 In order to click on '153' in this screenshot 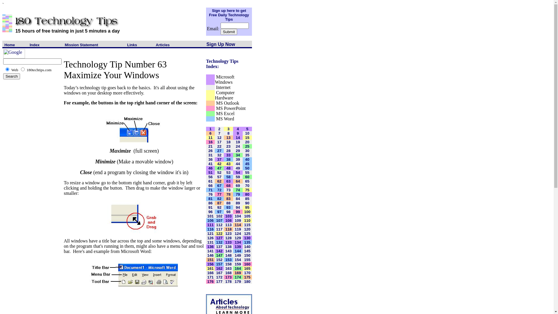, I will do `click(225, 259)`.